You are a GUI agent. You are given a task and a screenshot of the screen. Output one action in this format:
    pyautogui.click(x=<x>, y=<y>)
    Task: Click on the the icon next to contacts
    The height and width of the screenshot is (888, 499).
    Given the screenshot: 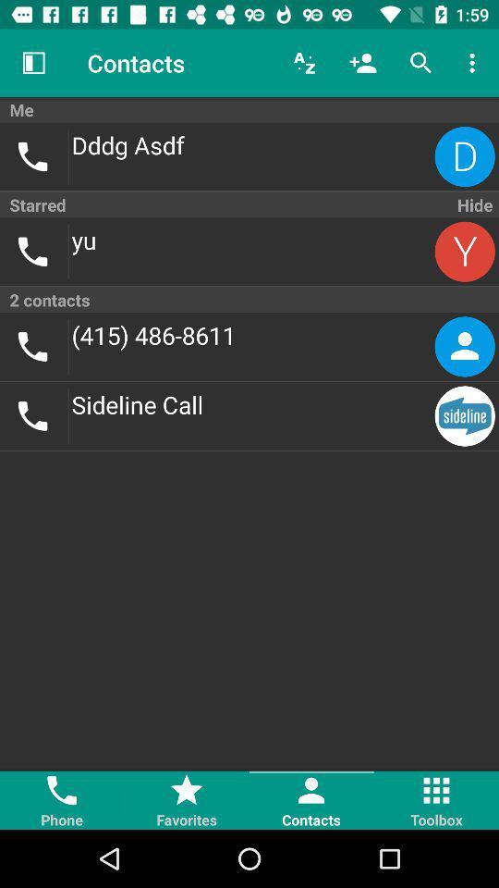 What is the action you would take?
    pyautogui.click(x=304, y=63)
    